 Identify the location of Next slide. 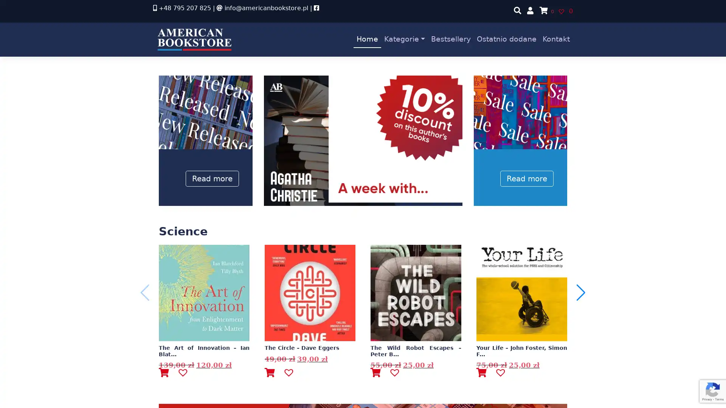
(580, 292).